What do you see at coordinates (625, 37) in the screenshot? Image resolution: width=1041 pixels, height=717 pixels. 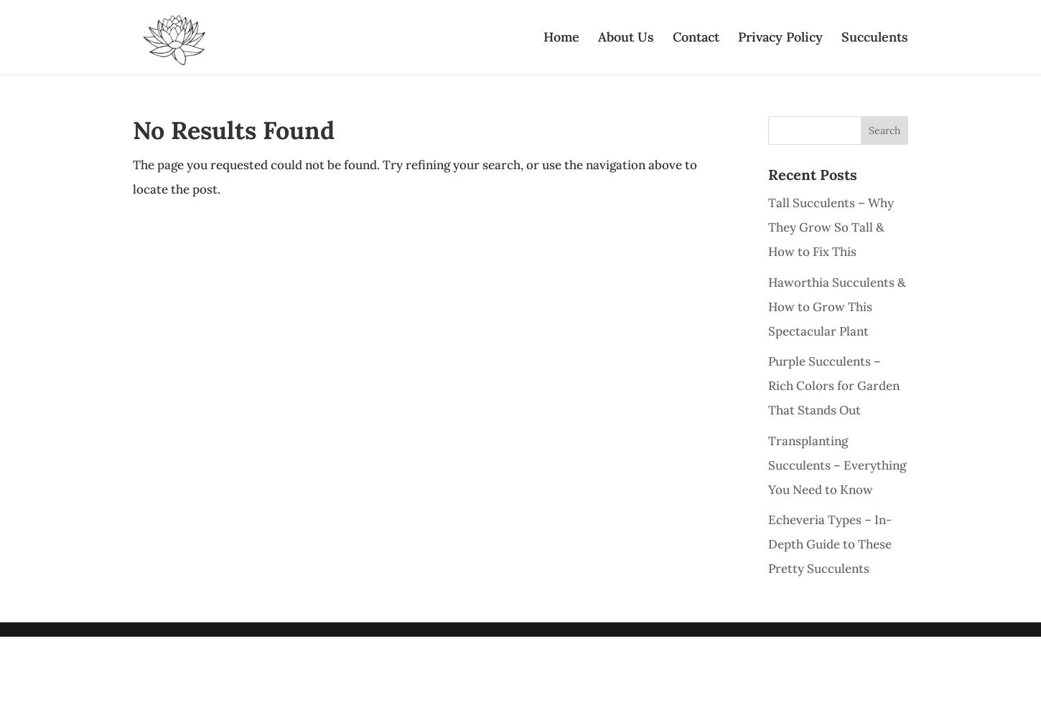 I see `'About Us'` at bounding box center [625, 37].